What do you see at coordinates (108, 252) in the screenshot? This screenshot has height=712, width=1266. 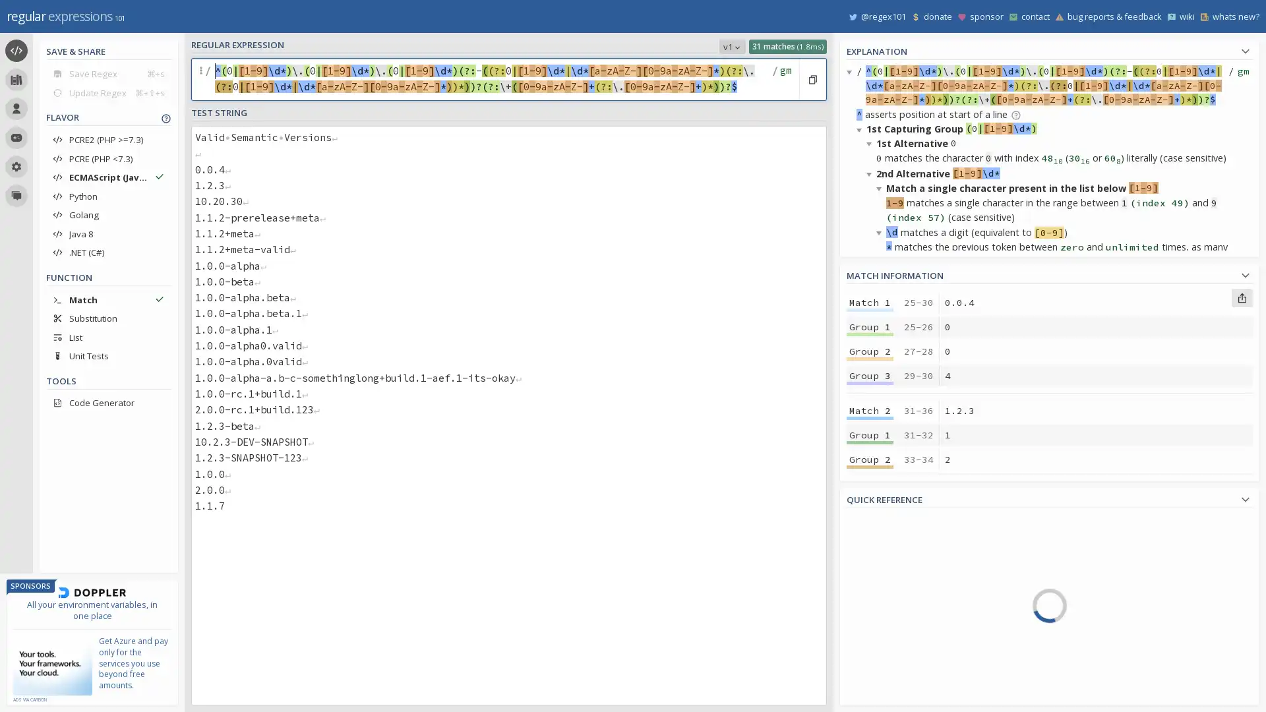 I see `.NET (C#)` at bounding box center [108, 252].